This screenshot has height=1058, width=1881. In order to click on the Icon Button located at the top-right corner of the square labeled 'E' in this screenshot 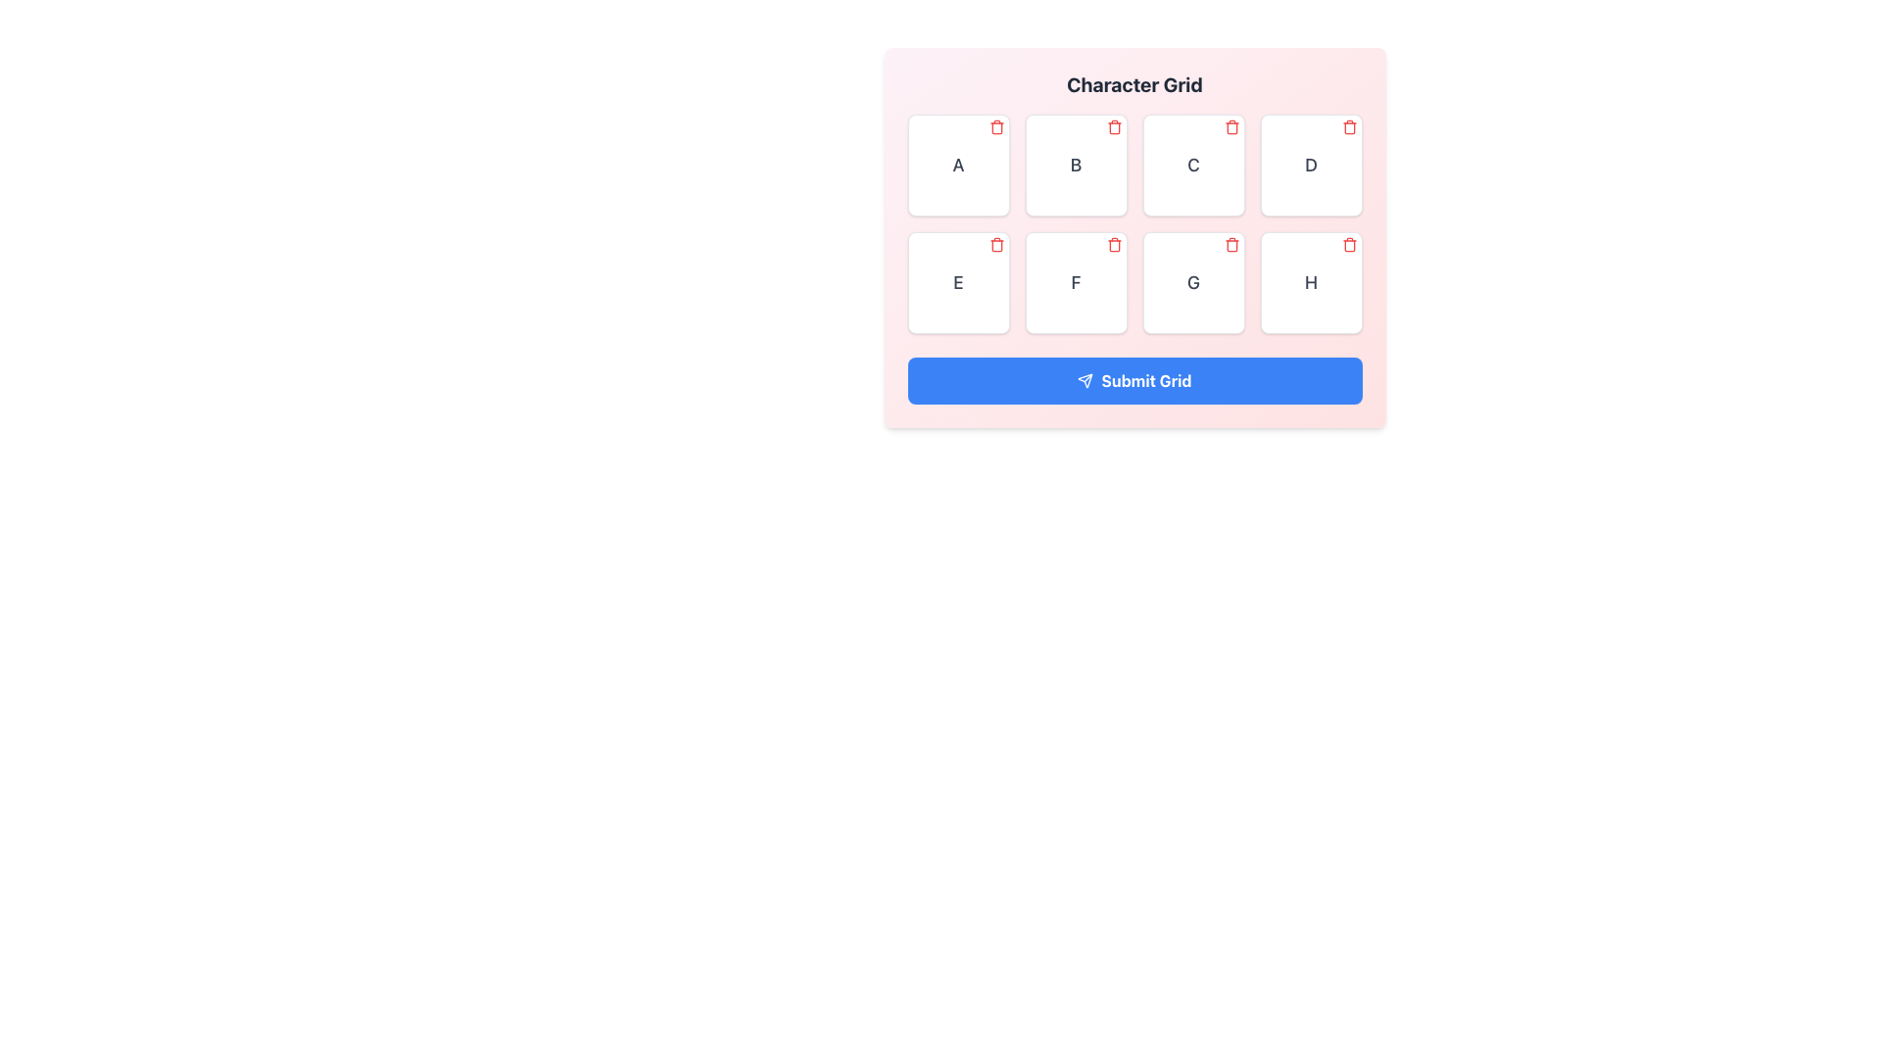, I will do `click(996, 244)`.